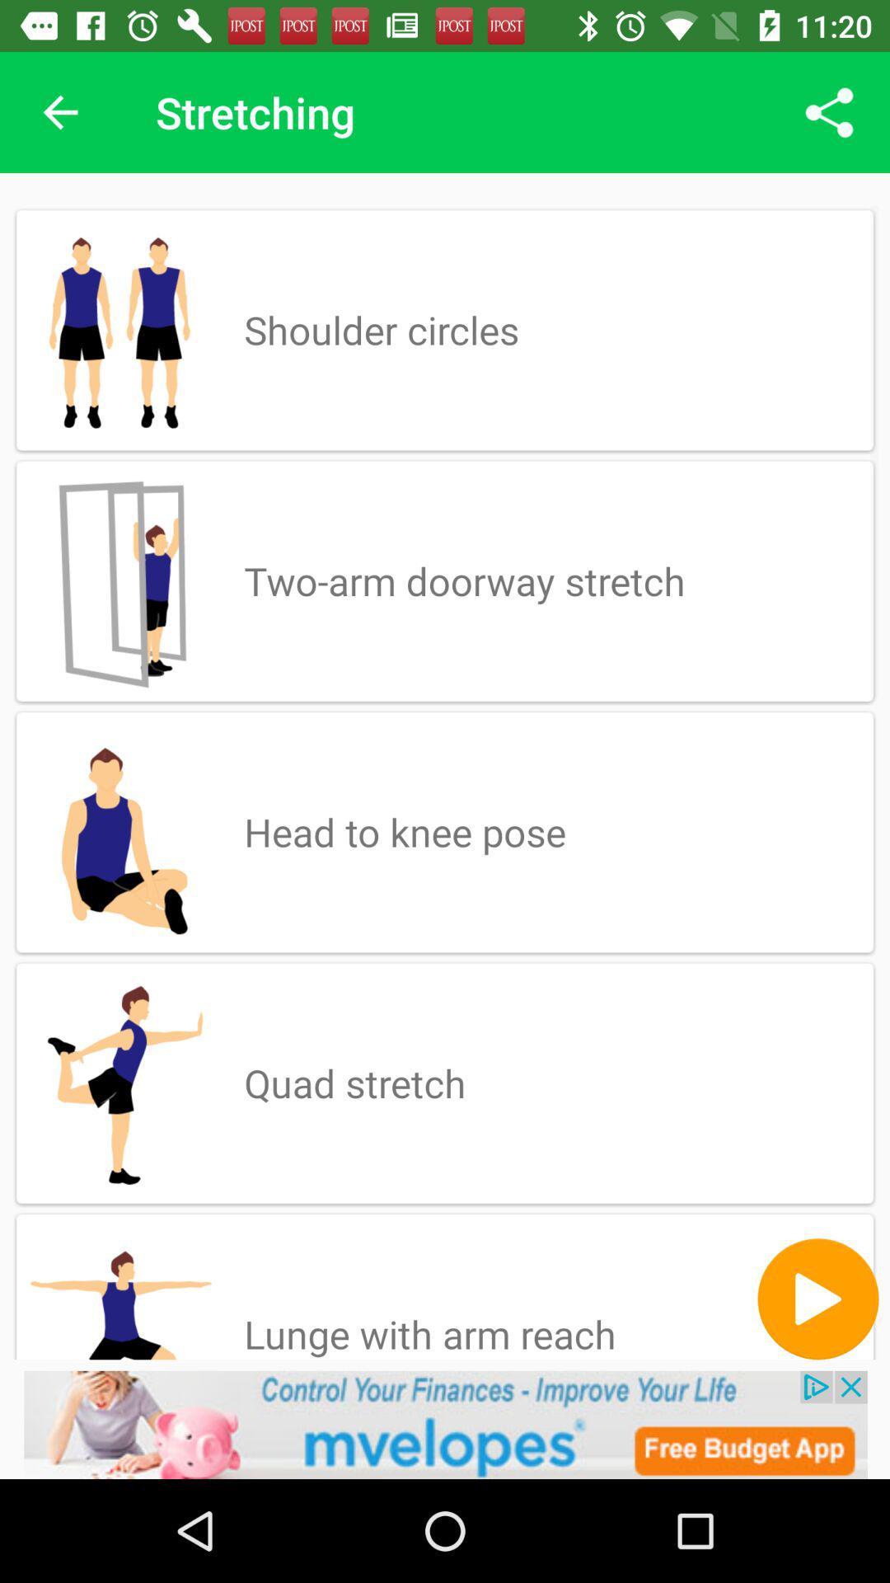 The image size is (890, 1583). What do you see at coordinates (445, 1424) in the screenshot?
I see `more information about an advertisement` at bounding box center [445, 1424].